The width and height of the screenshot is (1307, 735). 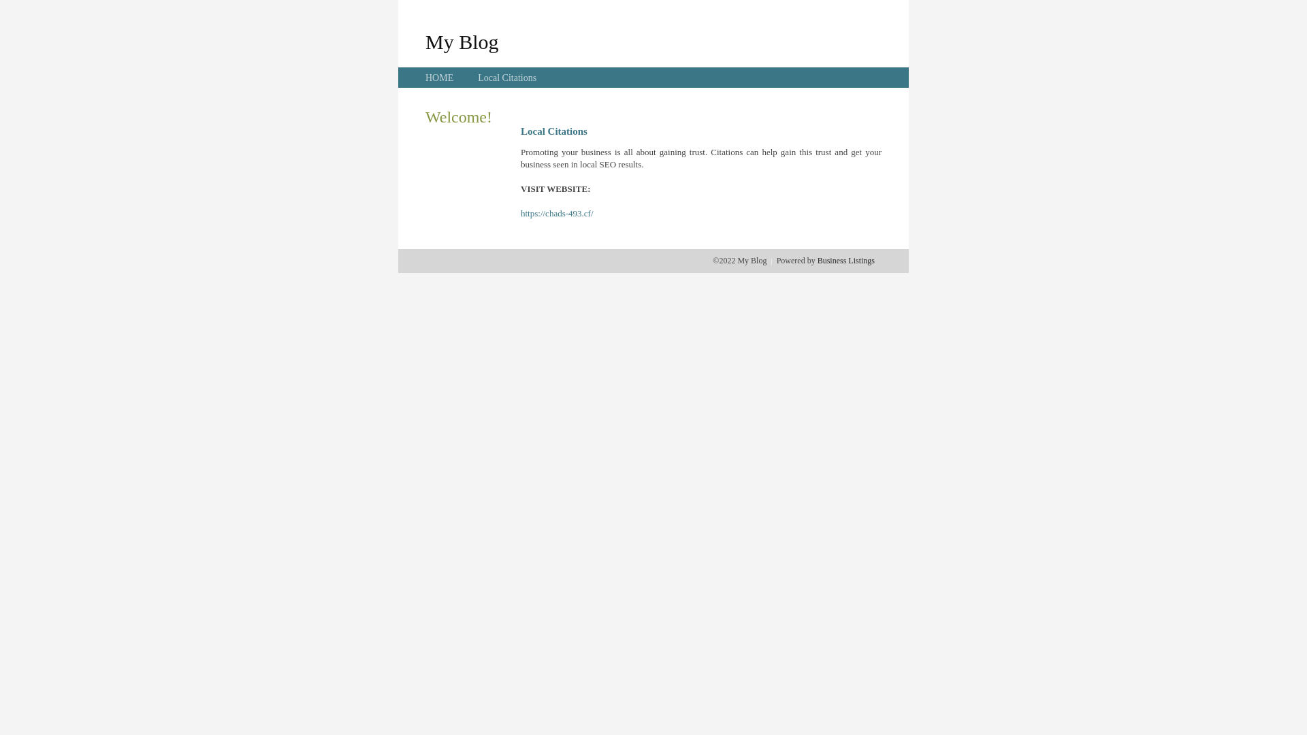 I want to click on 'https://chads-493.cf/', so click(x=519, y=213).